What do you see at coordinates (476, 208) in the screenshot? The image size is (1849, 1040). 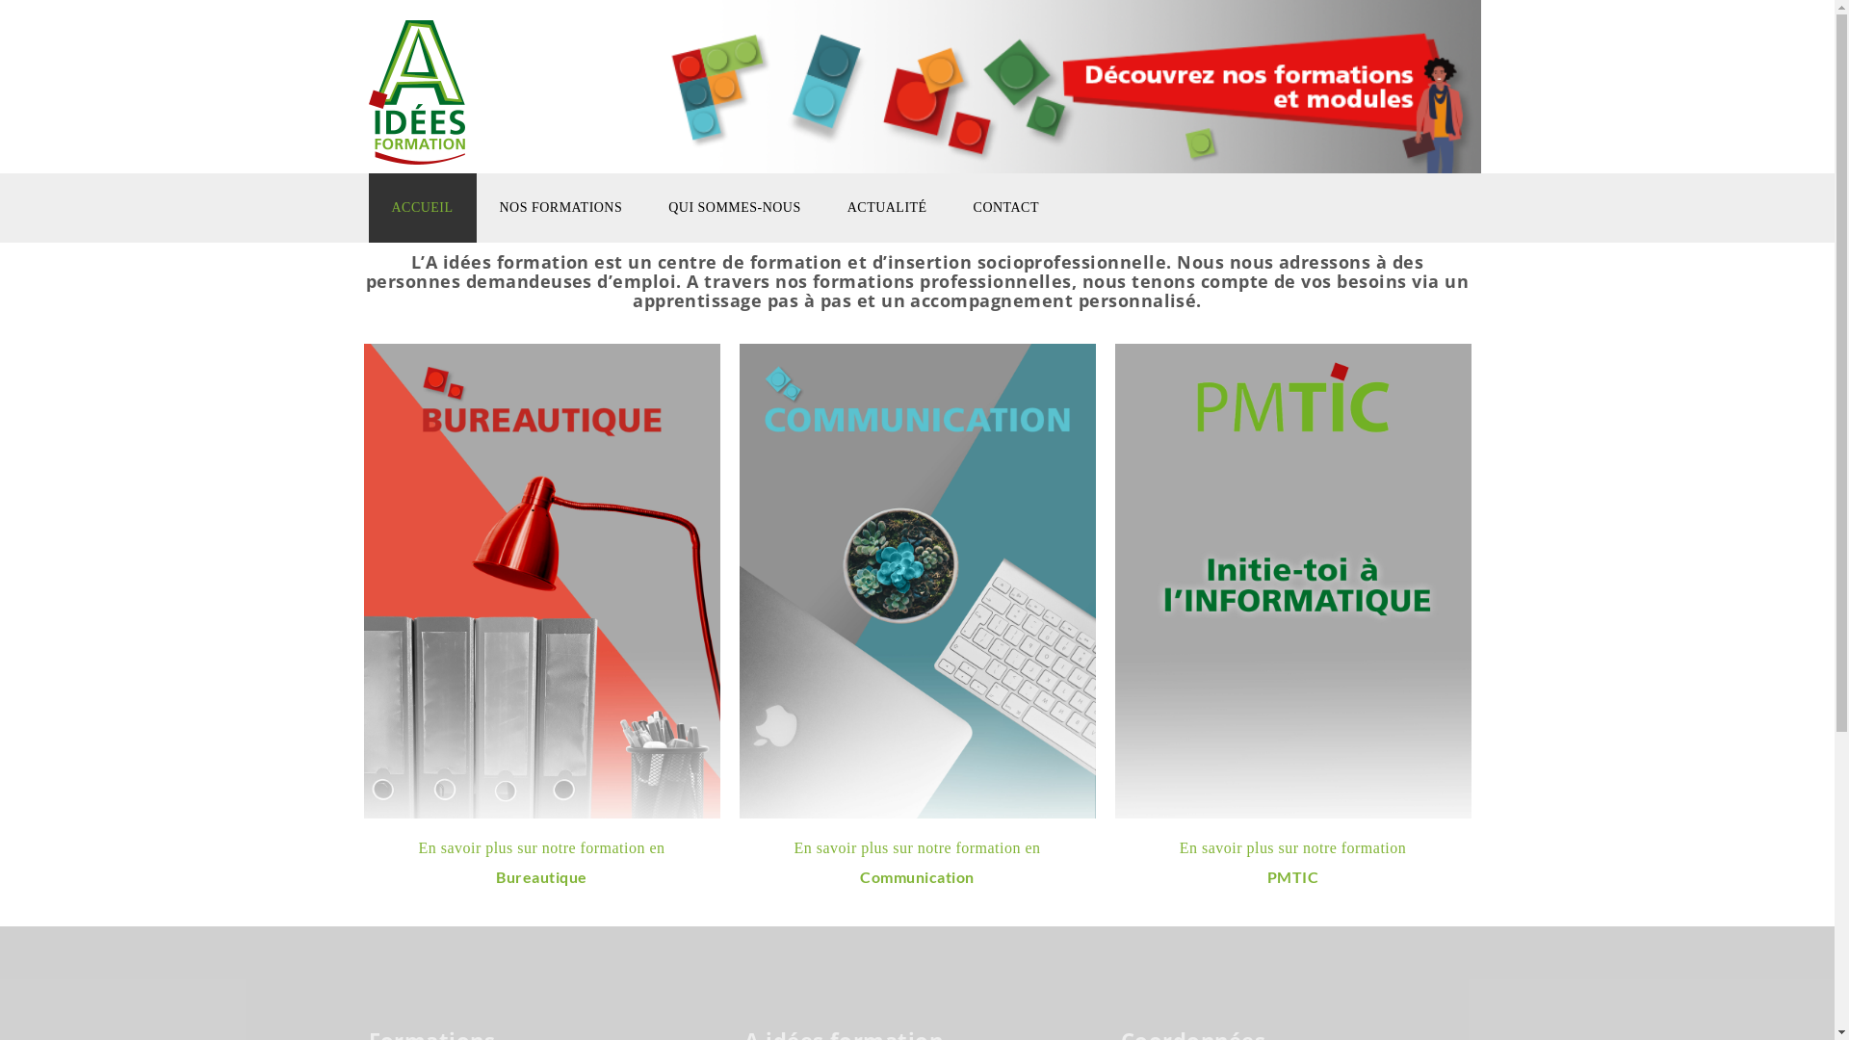 I see `'NOS FORMATIONS'` at bounding box center [476, 208].